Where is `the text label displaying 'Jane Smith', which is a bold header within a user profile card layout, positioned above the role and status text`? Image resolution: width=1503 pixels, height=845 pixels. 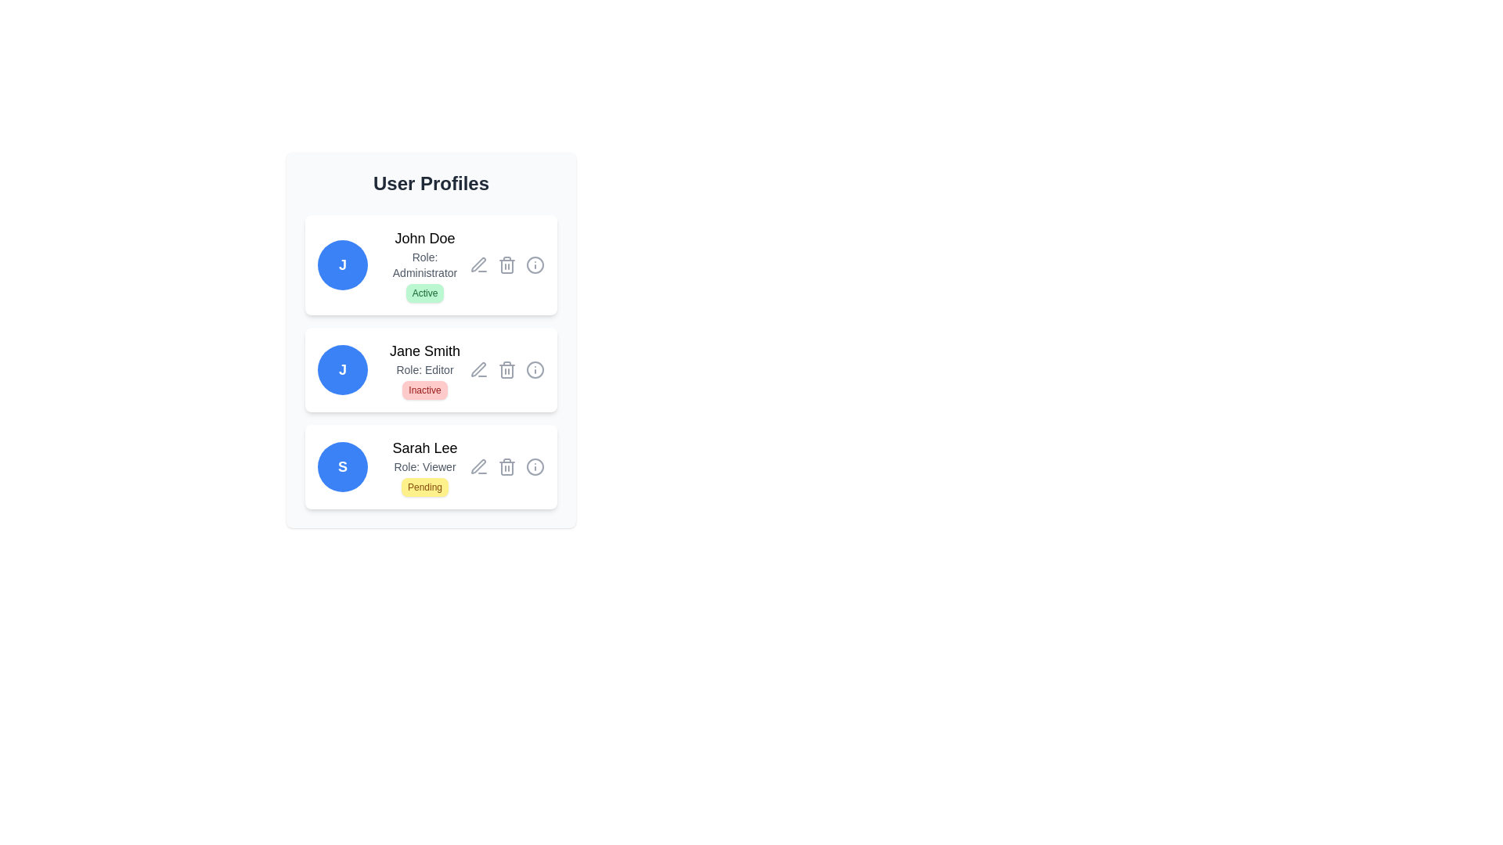
the text label displaying 'Jane Smith', which is a bold header within a user profile card layout, positioned above the role and status text is located at coordinates (424, 350).